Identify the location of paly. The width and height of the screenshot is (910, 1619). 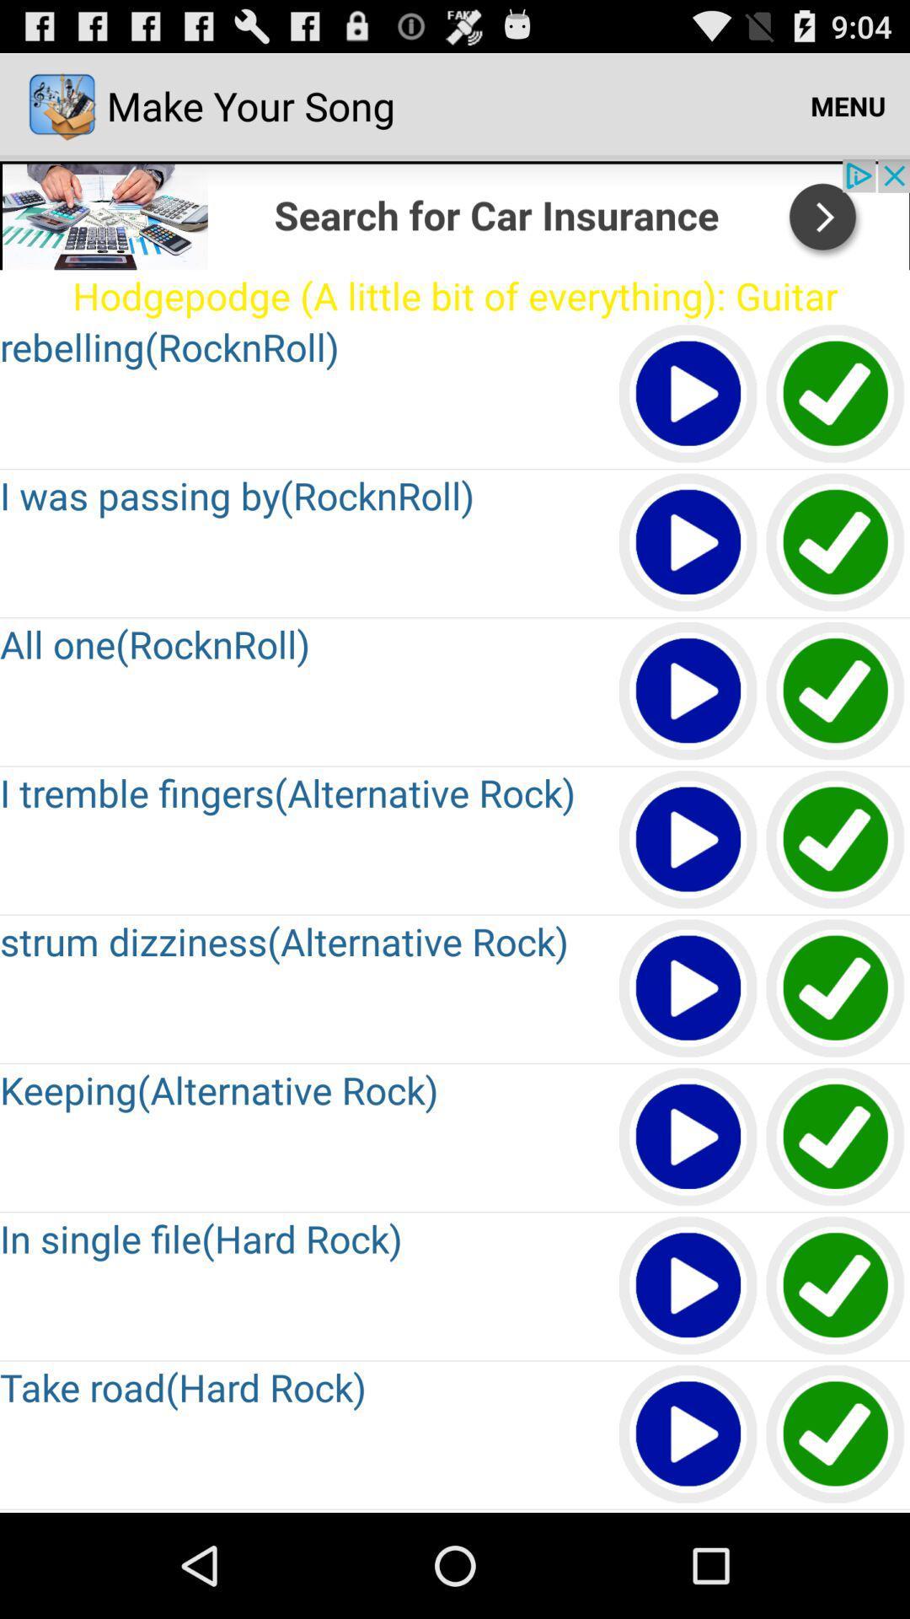
(688, 394).